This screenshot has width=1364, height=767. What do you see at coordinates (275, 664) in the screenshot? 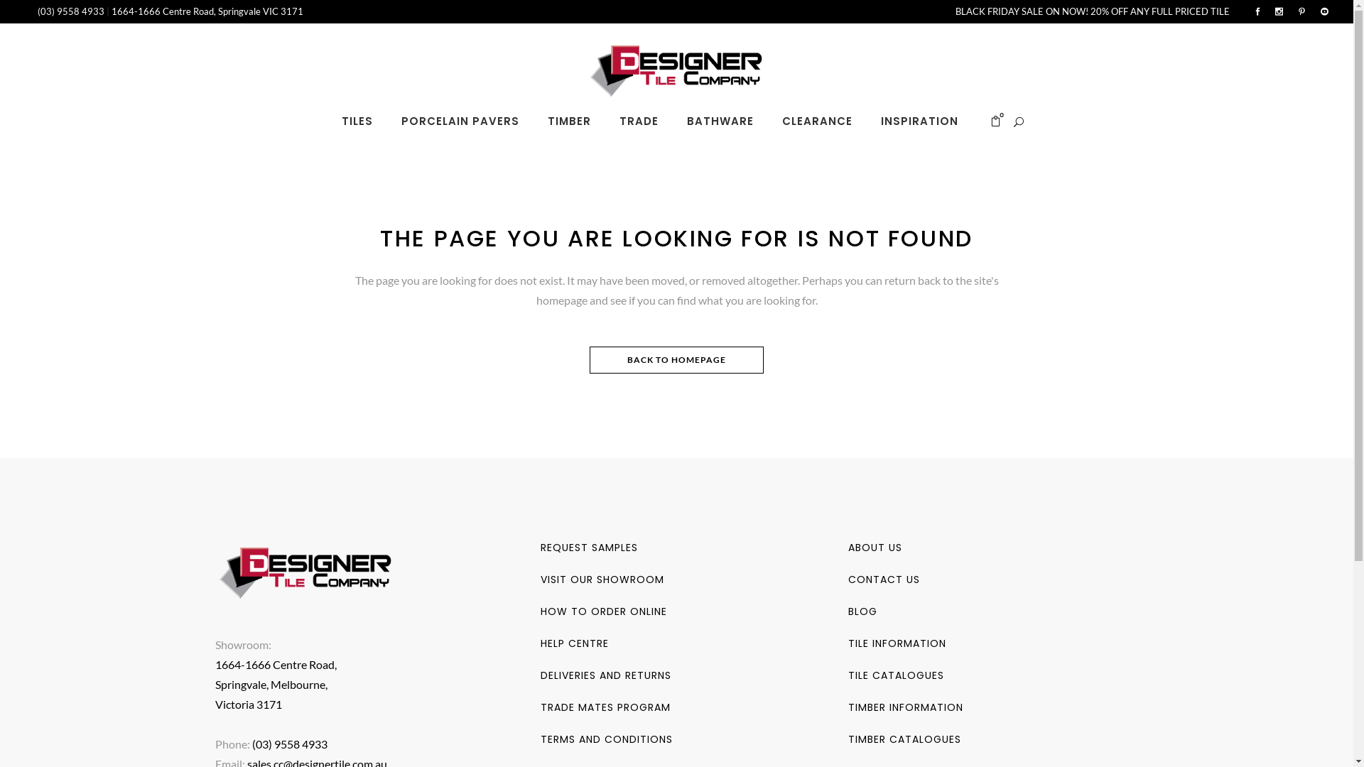
I see `'1664-1666 Centre Road,'` at bounding box center [275, 664].